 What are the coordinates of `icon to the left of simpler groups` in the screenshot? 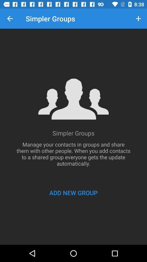 It's located at (10, 19).